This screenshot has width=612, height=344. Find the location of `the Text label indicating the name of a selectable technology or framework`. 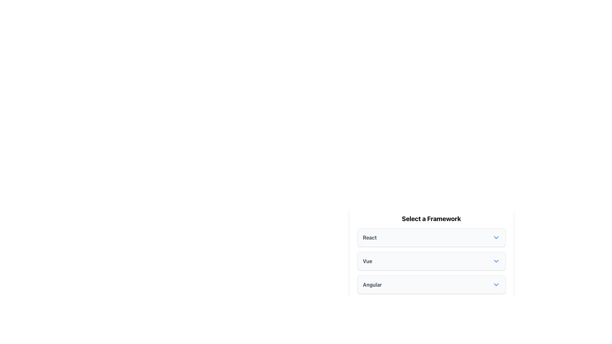

the Text label indicating the name of a selectable technology or framework is located at coordinates (370, 237).